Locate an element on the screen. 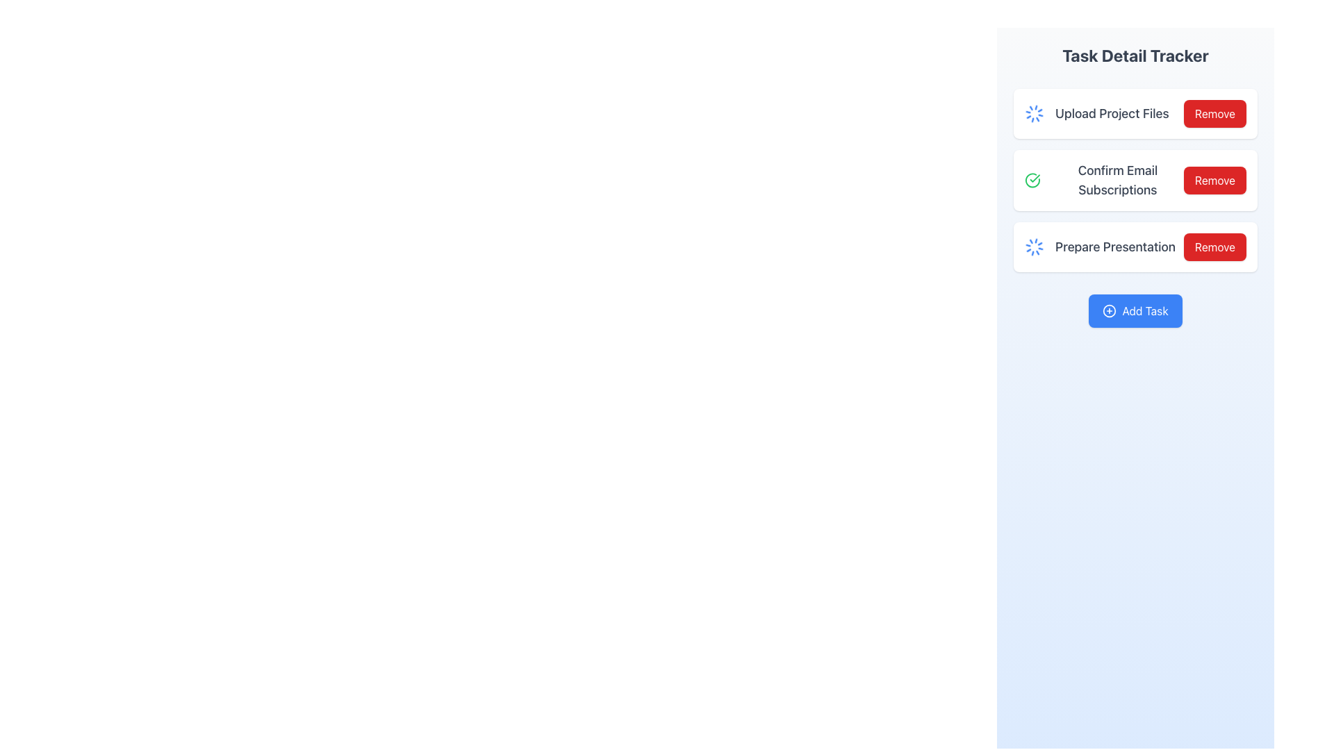 This screenshot has height=750, width=1334. the icon located within the blue button at the bottom of the panel, which indicates the purpose of adding new tasks next to the text 'Add Task' is located at coordinates (1109, 310).